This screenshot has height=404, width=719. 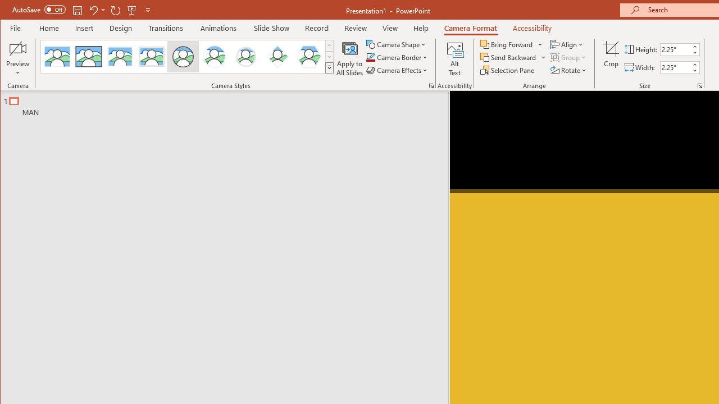 What do you see at coordinates (370, 57) in the screenshot?
I see `'Camera Border Blue, Accent 1'` at bounding box center [370, 57].